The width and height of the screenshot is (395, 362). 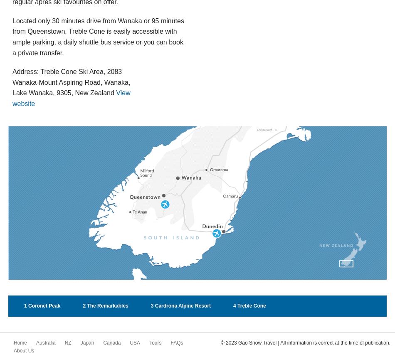 What do you see at coordinates (20, 342) in the screenshot?
I see `'Home'` at bounding box center [20, 342].